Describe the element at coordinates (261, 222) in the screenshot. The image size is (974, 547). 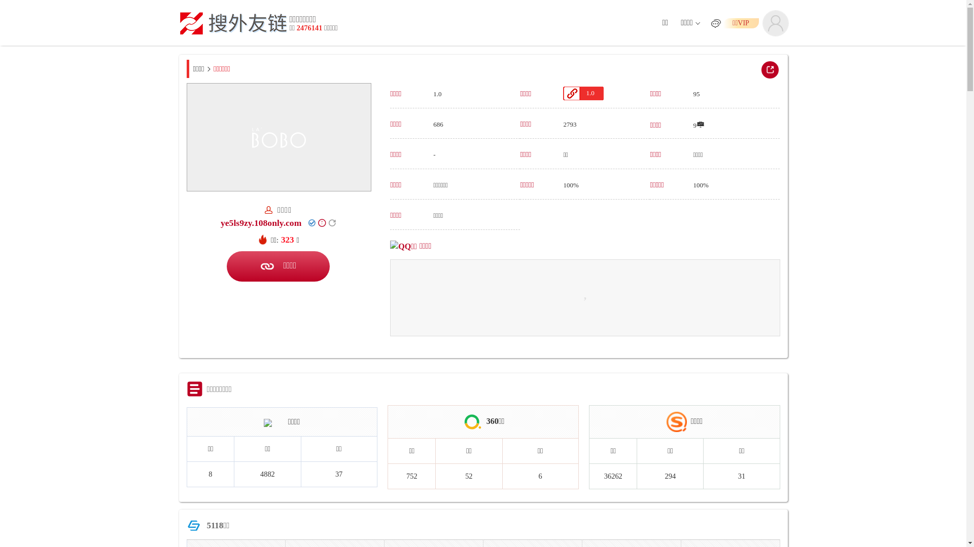
I see `'ye5ls9zy.108only.com'` at that location.